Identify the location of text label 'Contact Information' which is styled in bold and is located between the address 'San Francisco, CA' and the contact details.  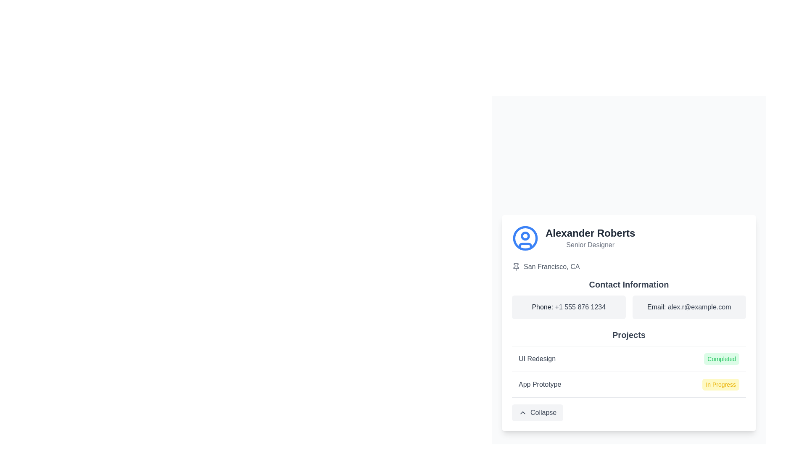
(629, 284).